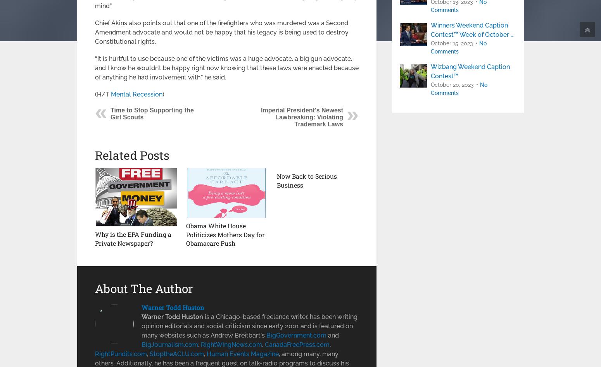 The width and height of the screenshot is (601, 367). What do you see at coordinates (470, 71) in the screenshot?
I see `'Wizbang Weekend Caption Contest™'` at bounding box center [470, 71].